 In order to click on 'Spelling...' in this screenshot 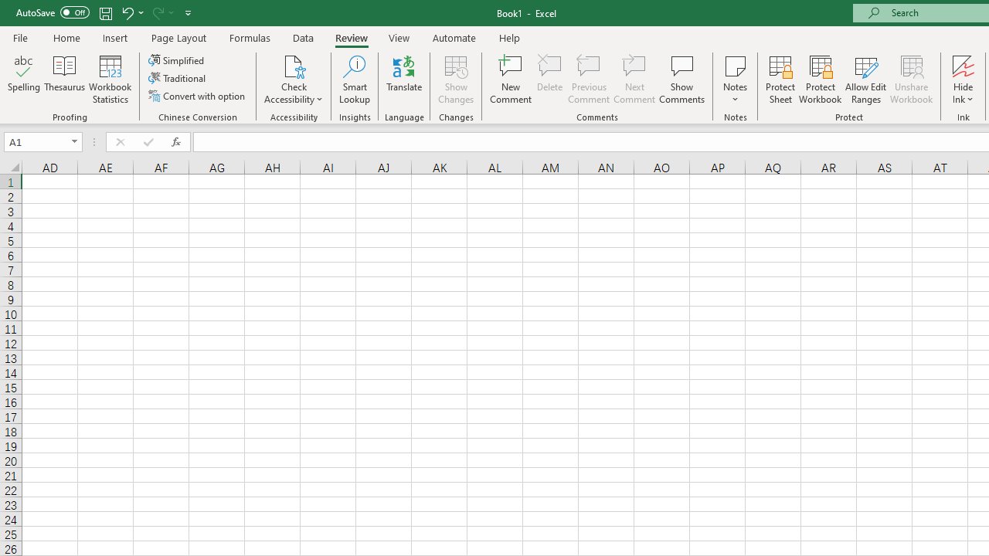, I will do `click(24, 80)`.